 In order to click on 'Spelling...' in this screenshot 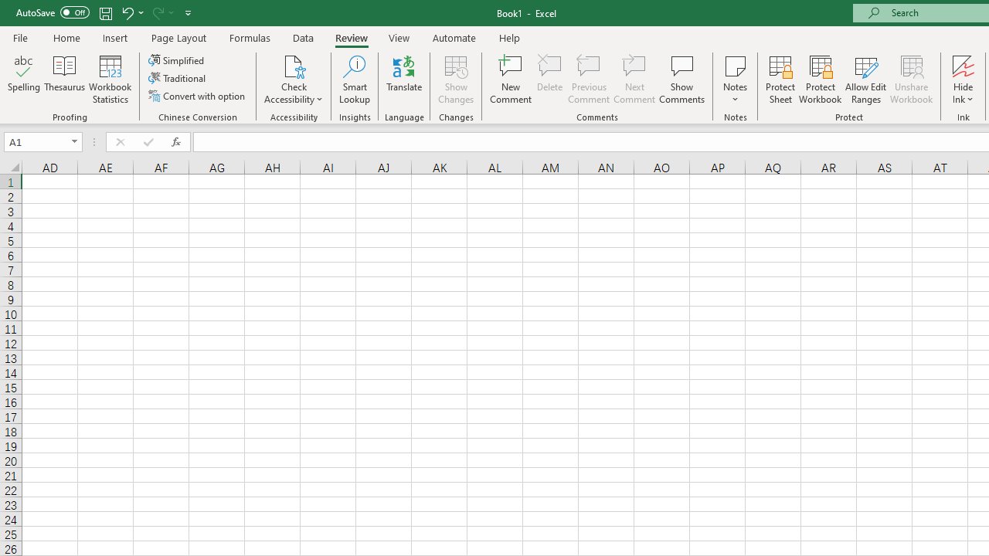, I will do `click(24, 80)`.